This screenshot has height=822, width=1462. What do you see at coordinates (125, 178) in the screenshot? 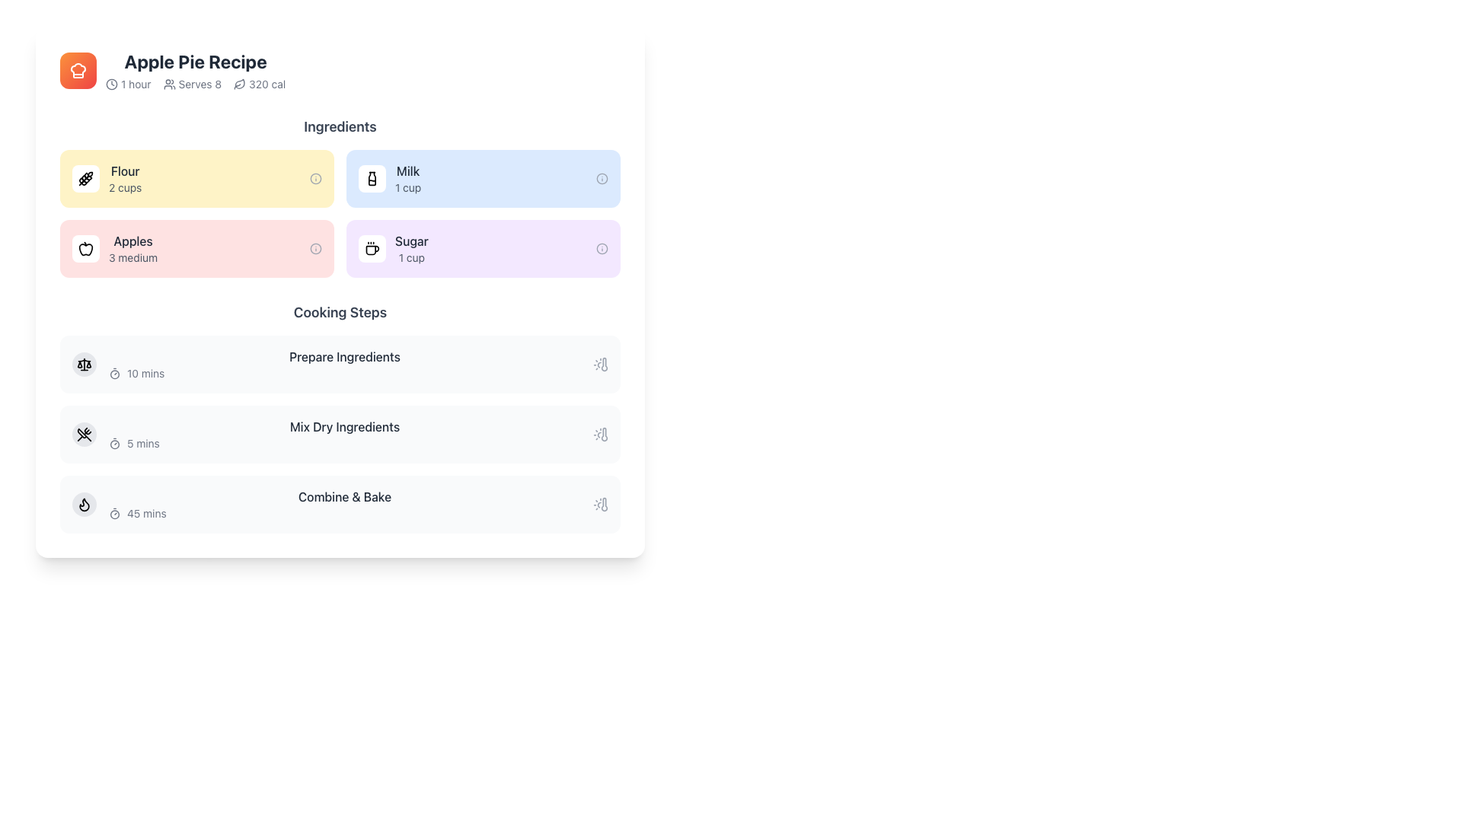
I see `text from the 'Flour' label, which displays 'Flour' in bold and '2 cups' in lighter text, located in the upper left quadrant of the application layout within the 'Ingredients' section` at bounding box center [125, 178].